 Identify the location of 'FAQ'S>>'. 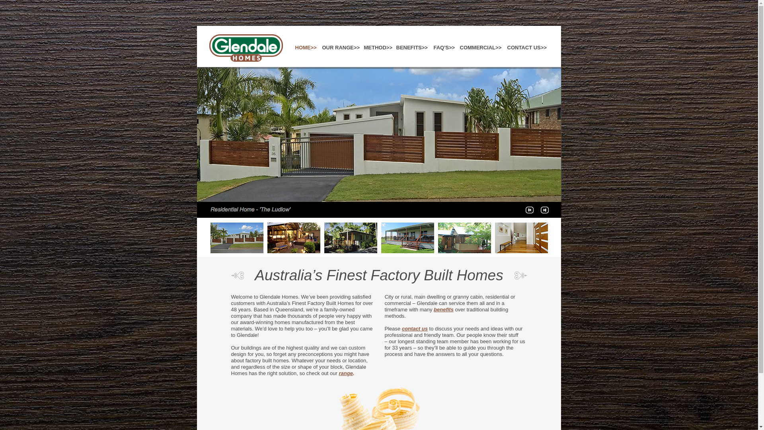
(444, 47).